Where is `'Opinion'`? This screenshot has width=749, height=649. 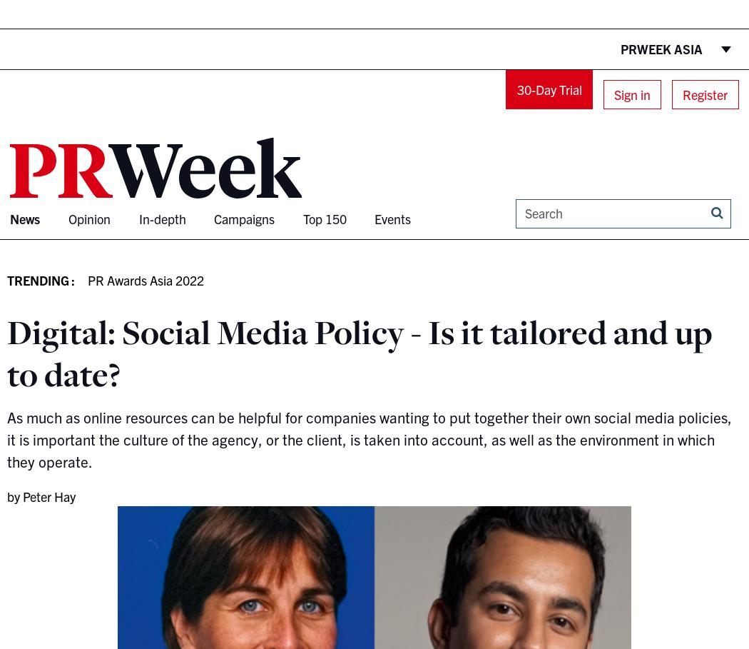
'Opinion' is located at coordinates (88, 218).